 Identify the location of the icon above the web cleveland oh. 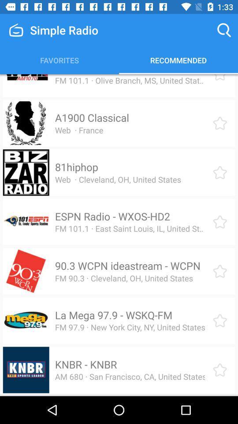
(76, 167).